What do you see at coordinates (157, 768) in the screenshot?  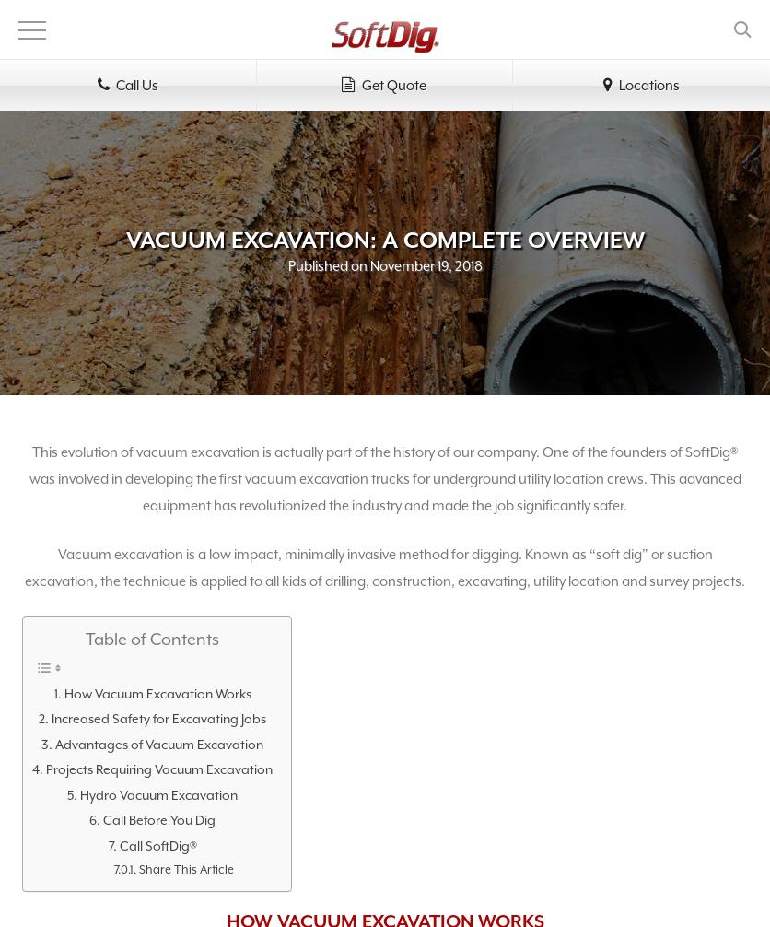 I see `'Projects Requiring Vacuum Excavation'` at bounding box center [157, 768].